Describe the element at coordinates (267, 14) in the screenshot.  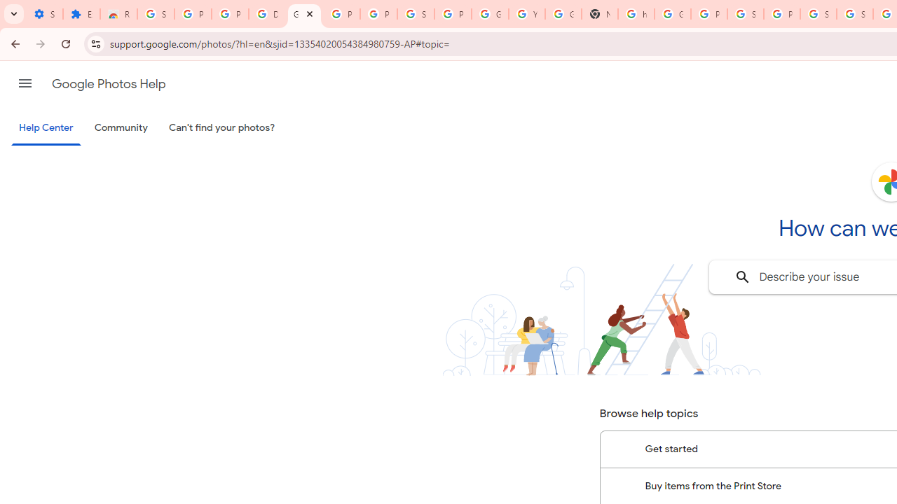
I see `'Delete photos & videos - Computer - Google Photos Help'` at that location.